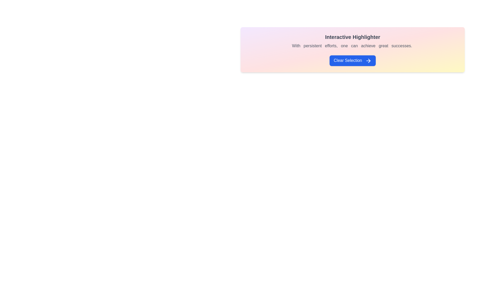  What do you see at coordinates (313, 45) in the screenshot?
I see `the text element 'persistent' which is styled with a cursor-pointer and is located between the words 'With' and 'efforts' in the sentence` at bounding box center [313, 45].